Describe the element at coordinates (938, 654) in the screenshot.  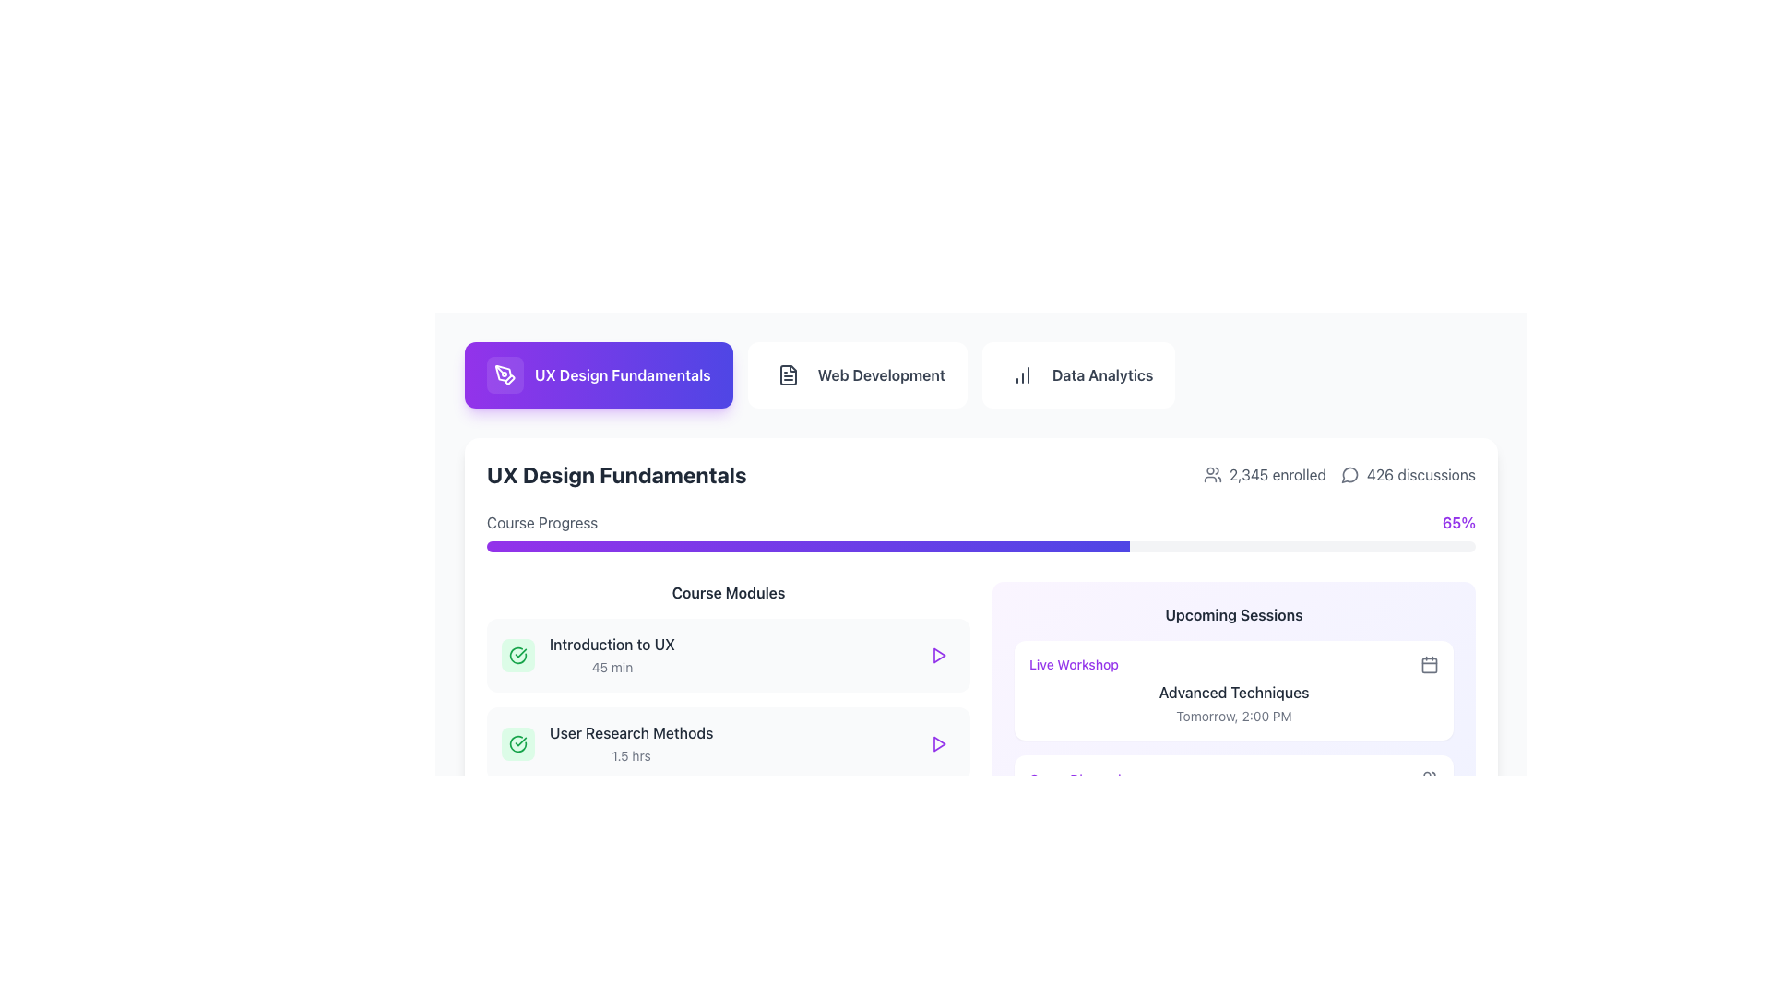
I see `the triangular play icon with a bold purple border for the 'Introduction to UX' course module` at that location.